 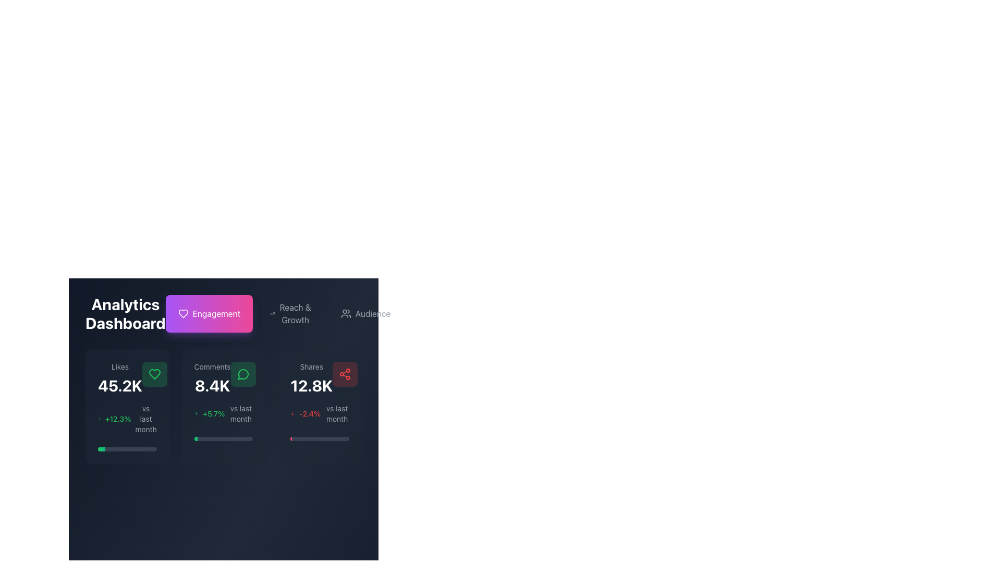 What do you see at coordinates (337, 413) in the screenshot?
I see `descriptive text label located in the 'Shares' section of the dashboard, which indicates the percentage value compares data to the previous month, situated immediately to the right of the red-colored percentage value '-2.4%' and below '12.8K'` at bounding box center [337, 413].